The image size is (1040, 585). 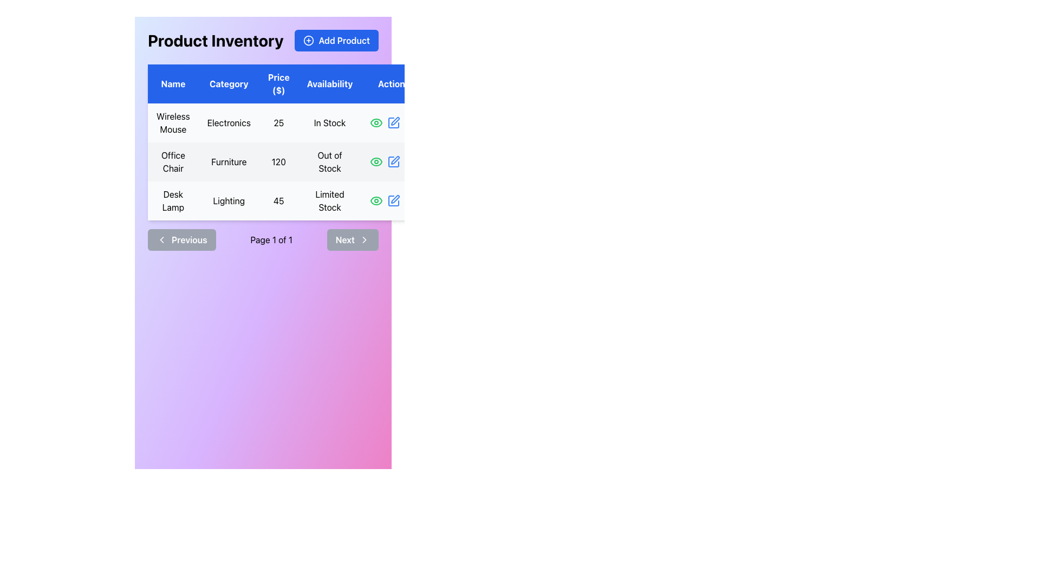 What do you see at coordinates (376, 200) in the screenshot?
I see `the eye icon in the 'Actions' column of the last row in the 'Product Inventory' table, which is represented by a curved, elongated shape resembling an outline of an eye` at bounding box center [376, 200].